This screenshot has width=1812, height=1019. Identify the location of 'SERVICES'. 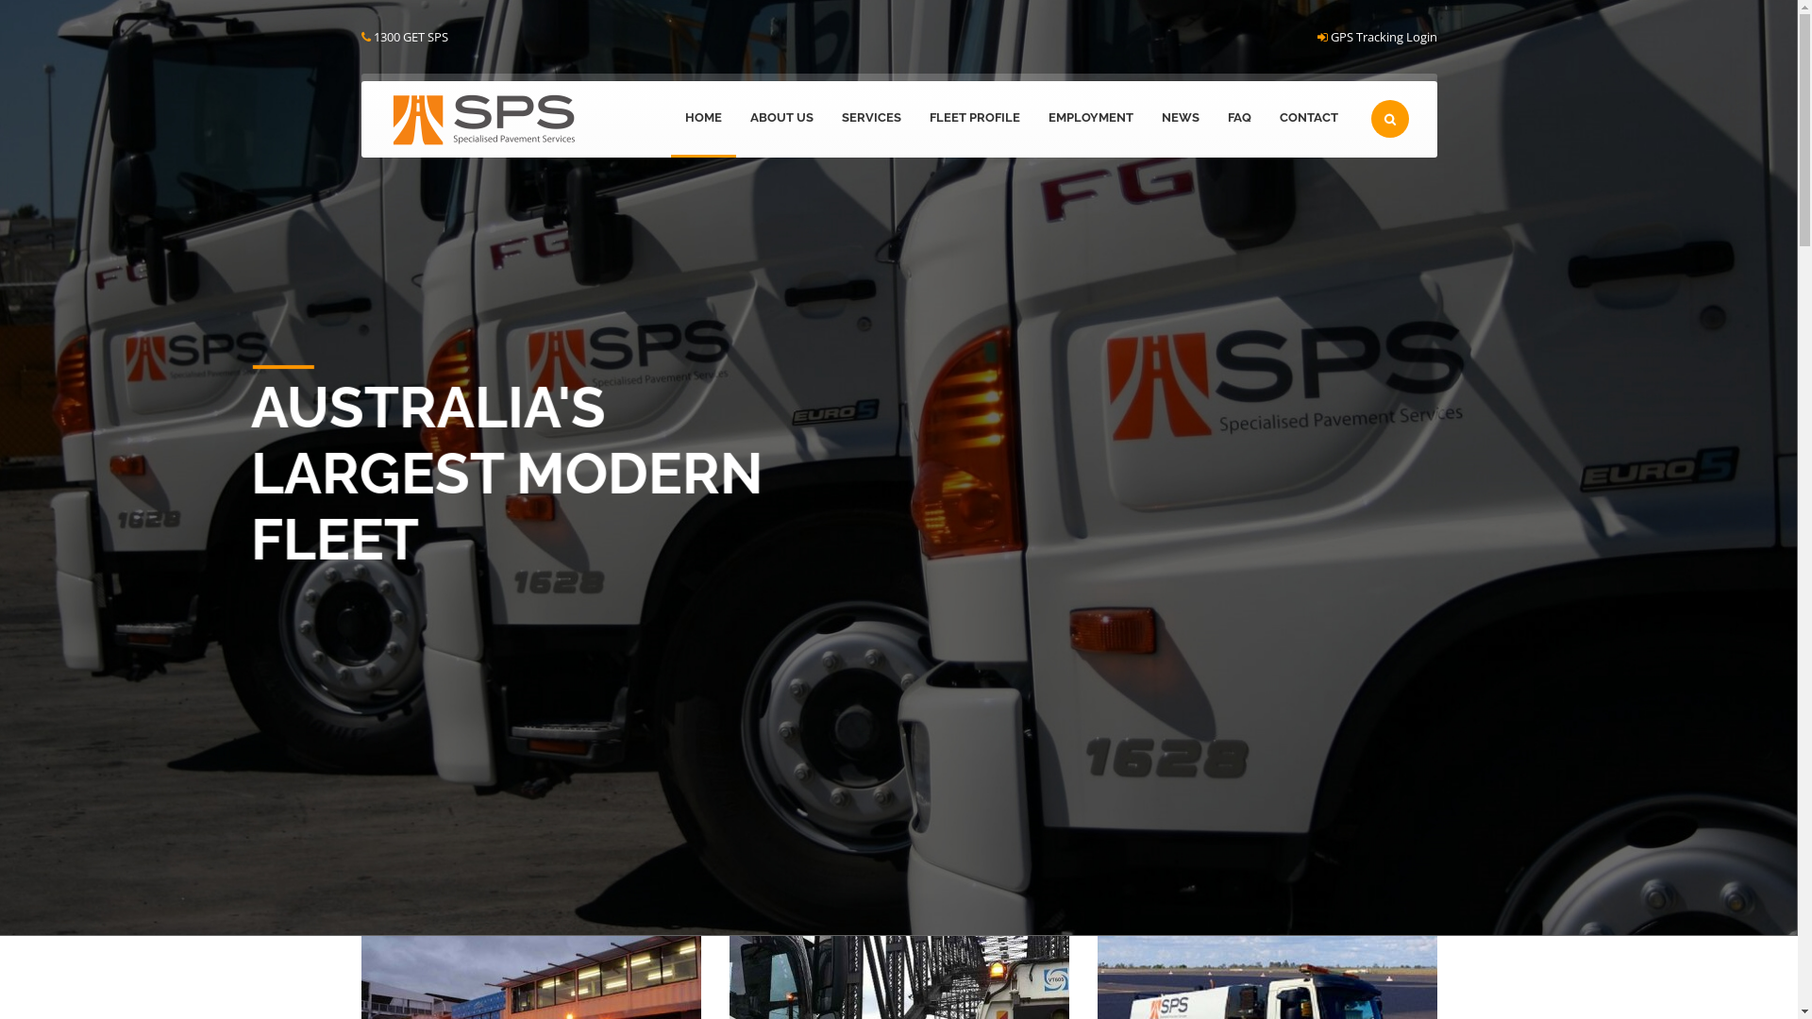
(869, 119).